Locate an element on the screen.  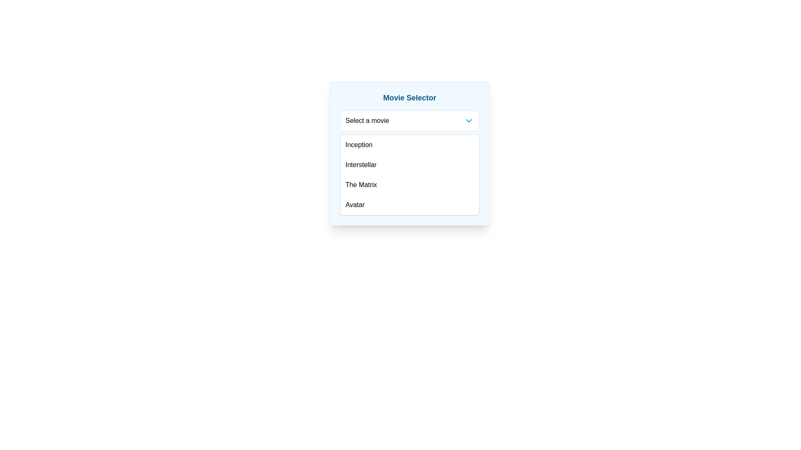
the selectable option labeled 'Avatar' in the dropdown menu is located at coordinates (355, 205).